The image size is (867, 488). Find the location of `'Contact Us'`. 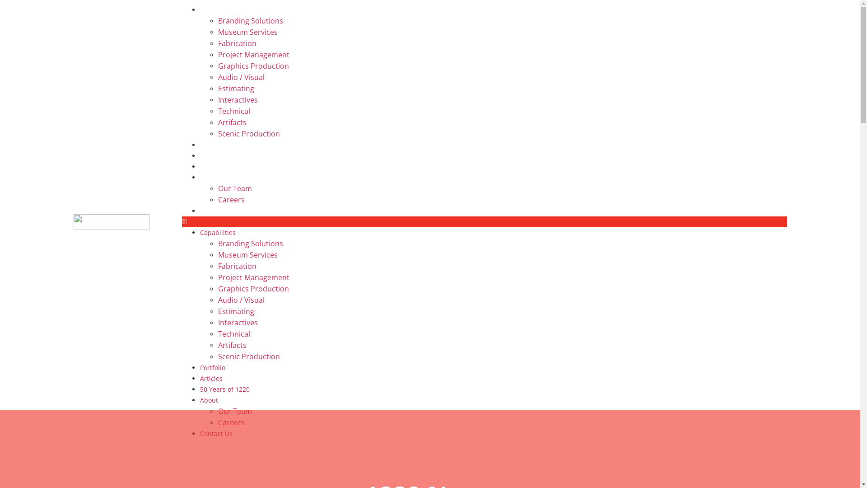

'Contact Us' is located at coordinates (215, 211).